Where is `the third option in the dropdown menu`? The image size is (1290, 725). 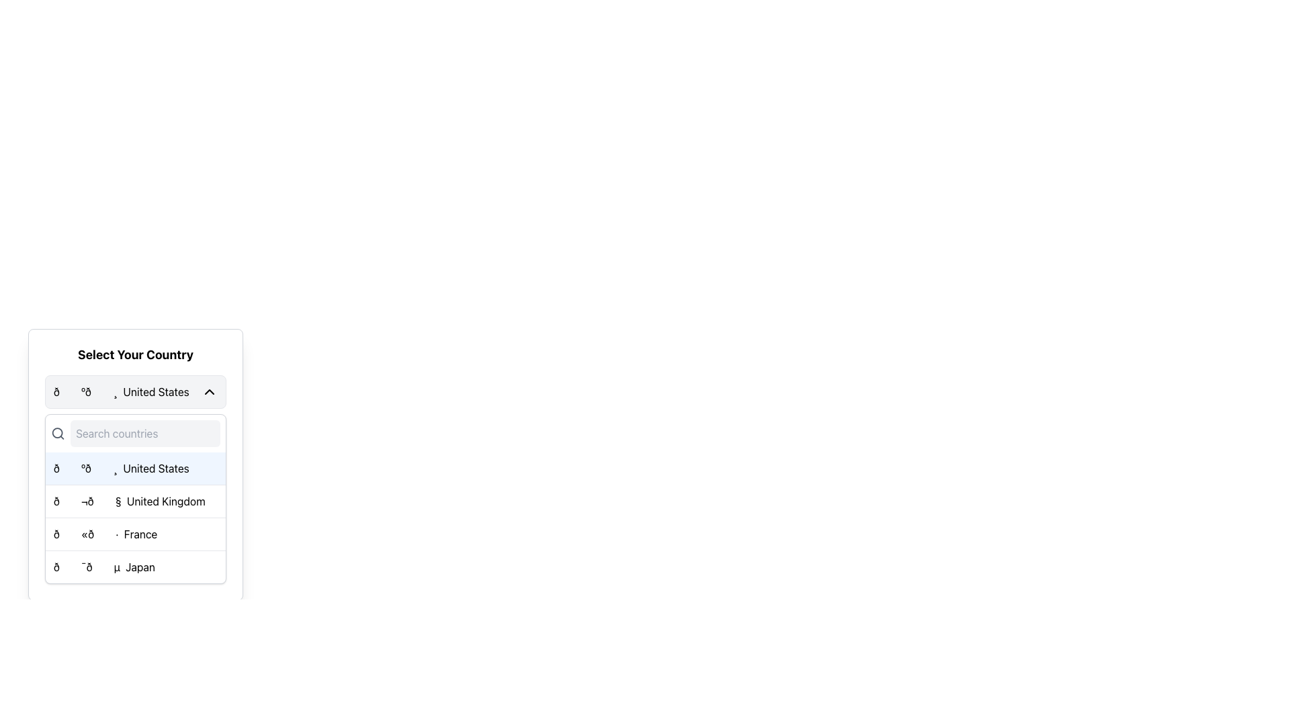 the third option in the dropdown menu is located at coordinates (135, 532).